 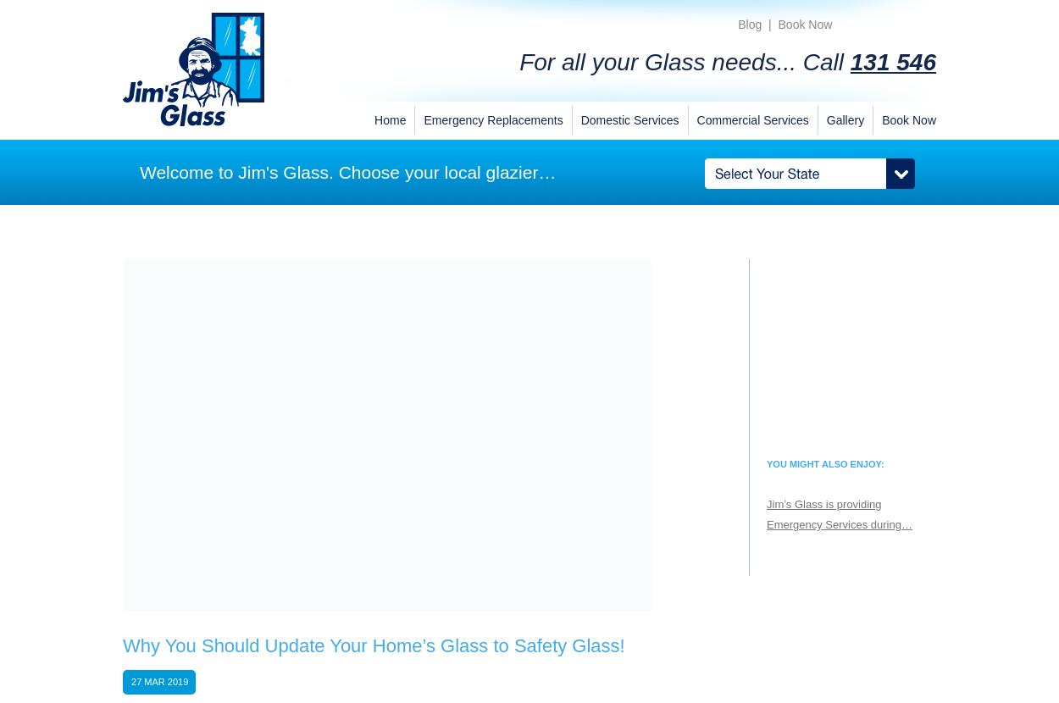 What do you see at coordinates (893, 61) in the screenshot?
I see `'131 546'` at bounding box center [893, 61].